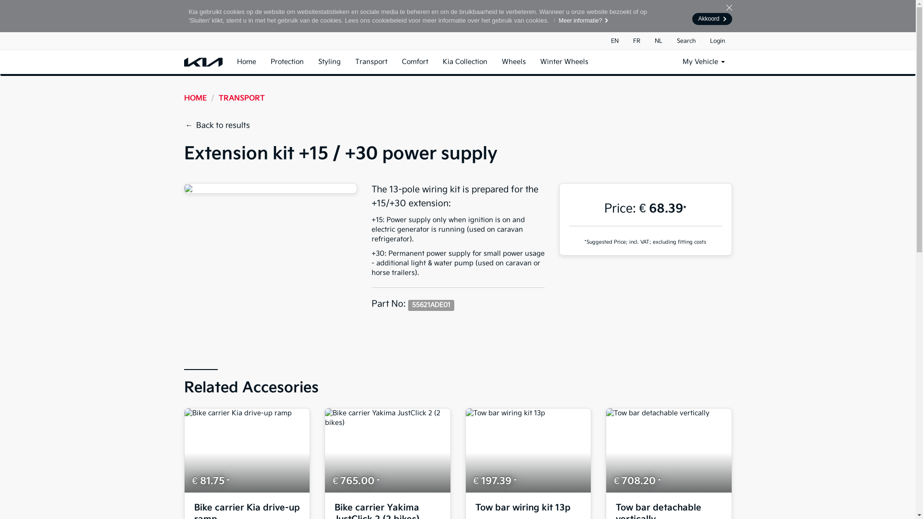 Image resolution: width=923 pixels, height=519 pixels. What do you see at coordinates (194, 98) in the screenshot?
I see `'HOME'` at bounding box center [194, 98].